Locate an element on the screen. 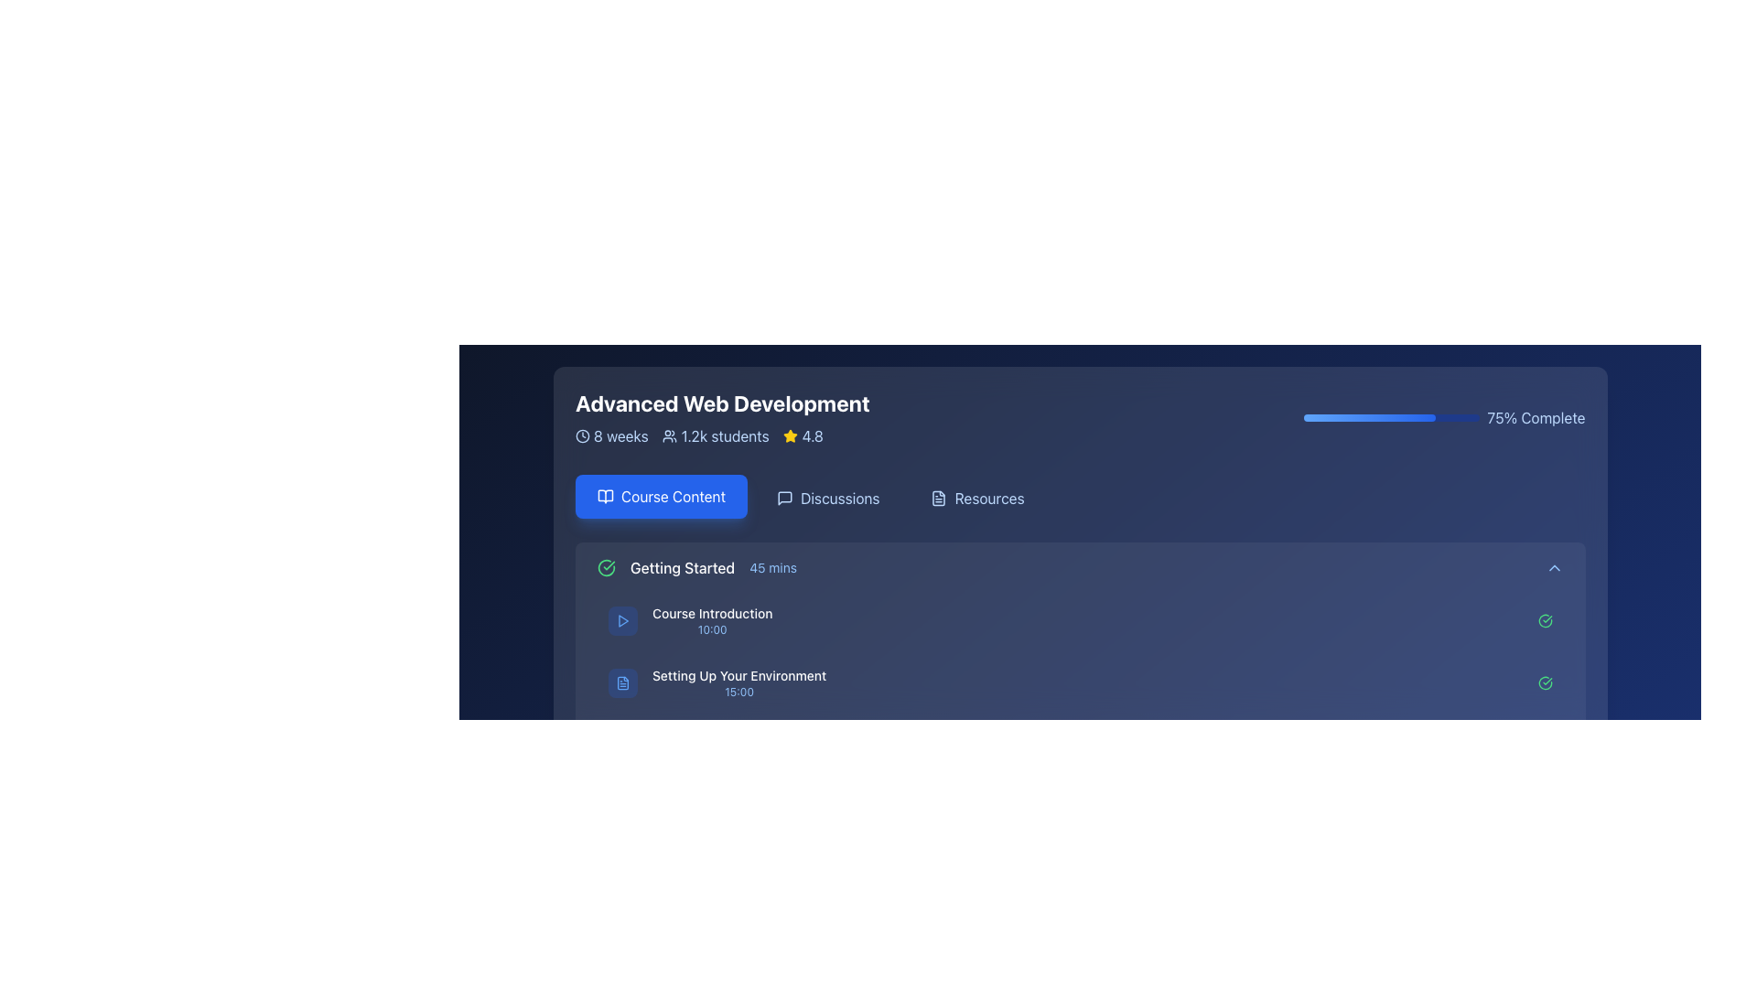 The height and width of the screenshot is (988, 1757). the speech bubble-shaped icon outlined in light blue is located at coordinates (784, 498).